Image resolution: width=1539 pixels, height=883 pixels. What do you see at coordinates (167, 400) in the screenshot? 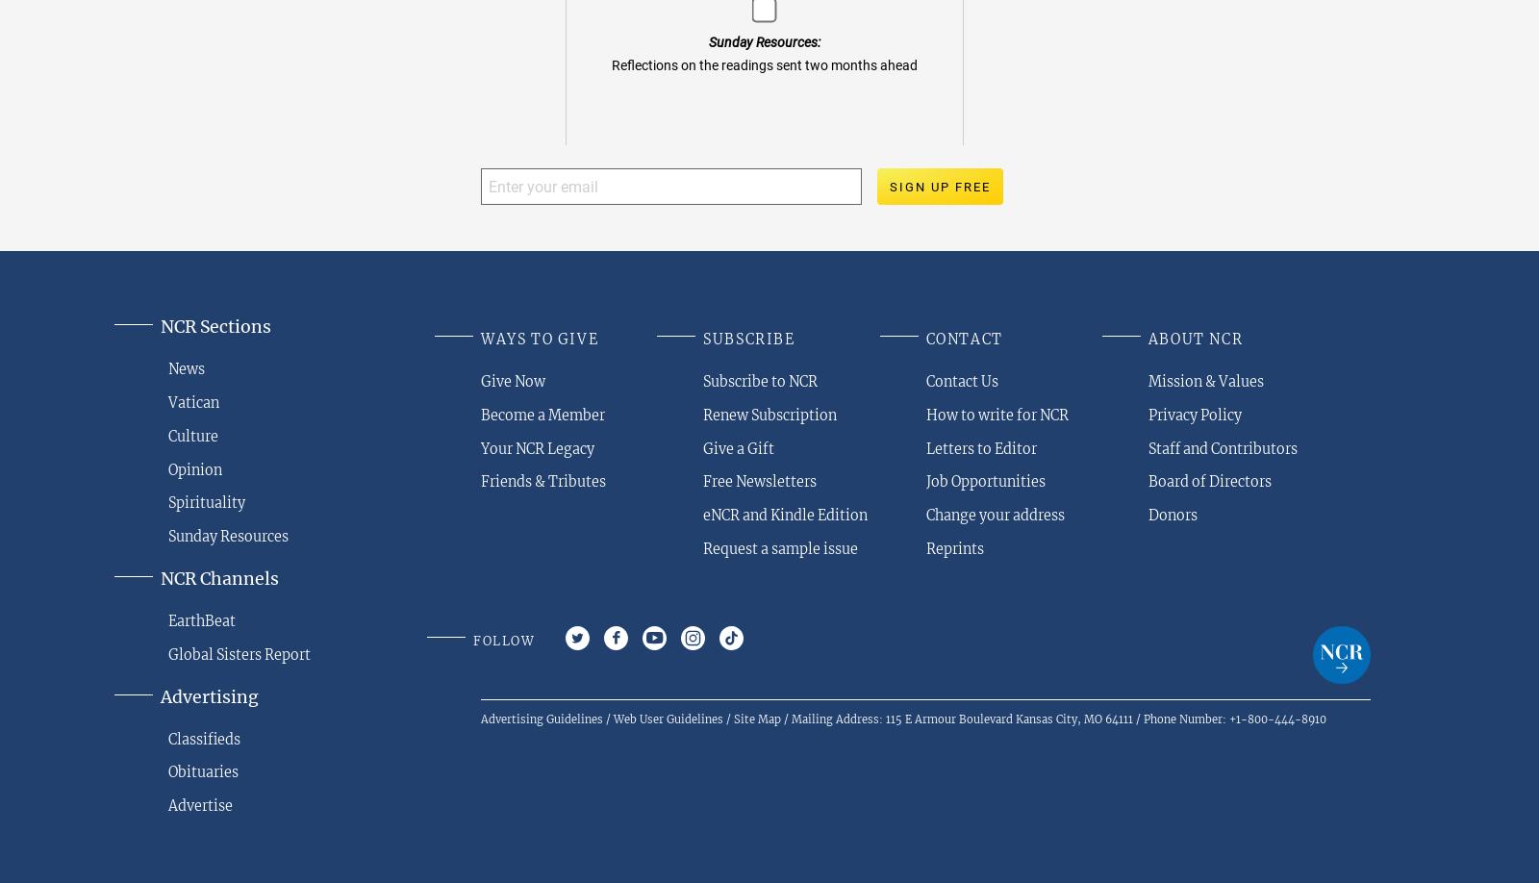
I see `'Vatican'` at bounding box center [167, 400].